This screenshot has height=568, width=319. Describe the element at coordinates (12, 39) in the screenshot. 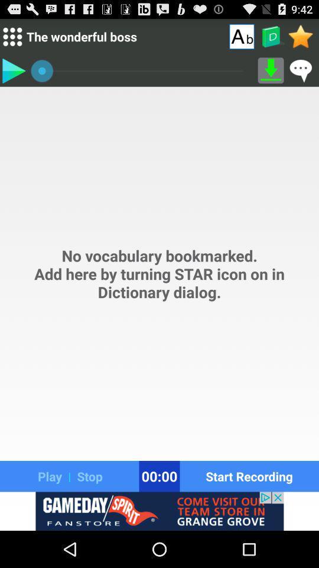

I see `the dialpad icon` at that location.